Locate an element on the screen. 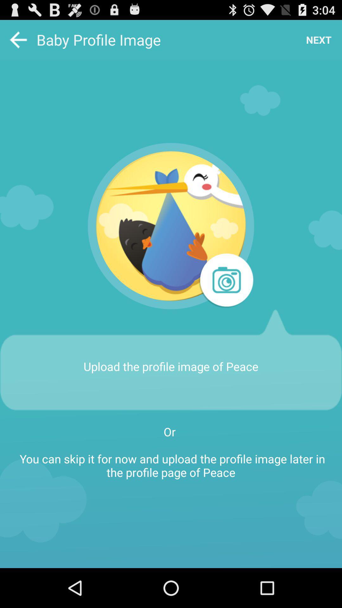  profile picture is located at coordinates (171, 226).